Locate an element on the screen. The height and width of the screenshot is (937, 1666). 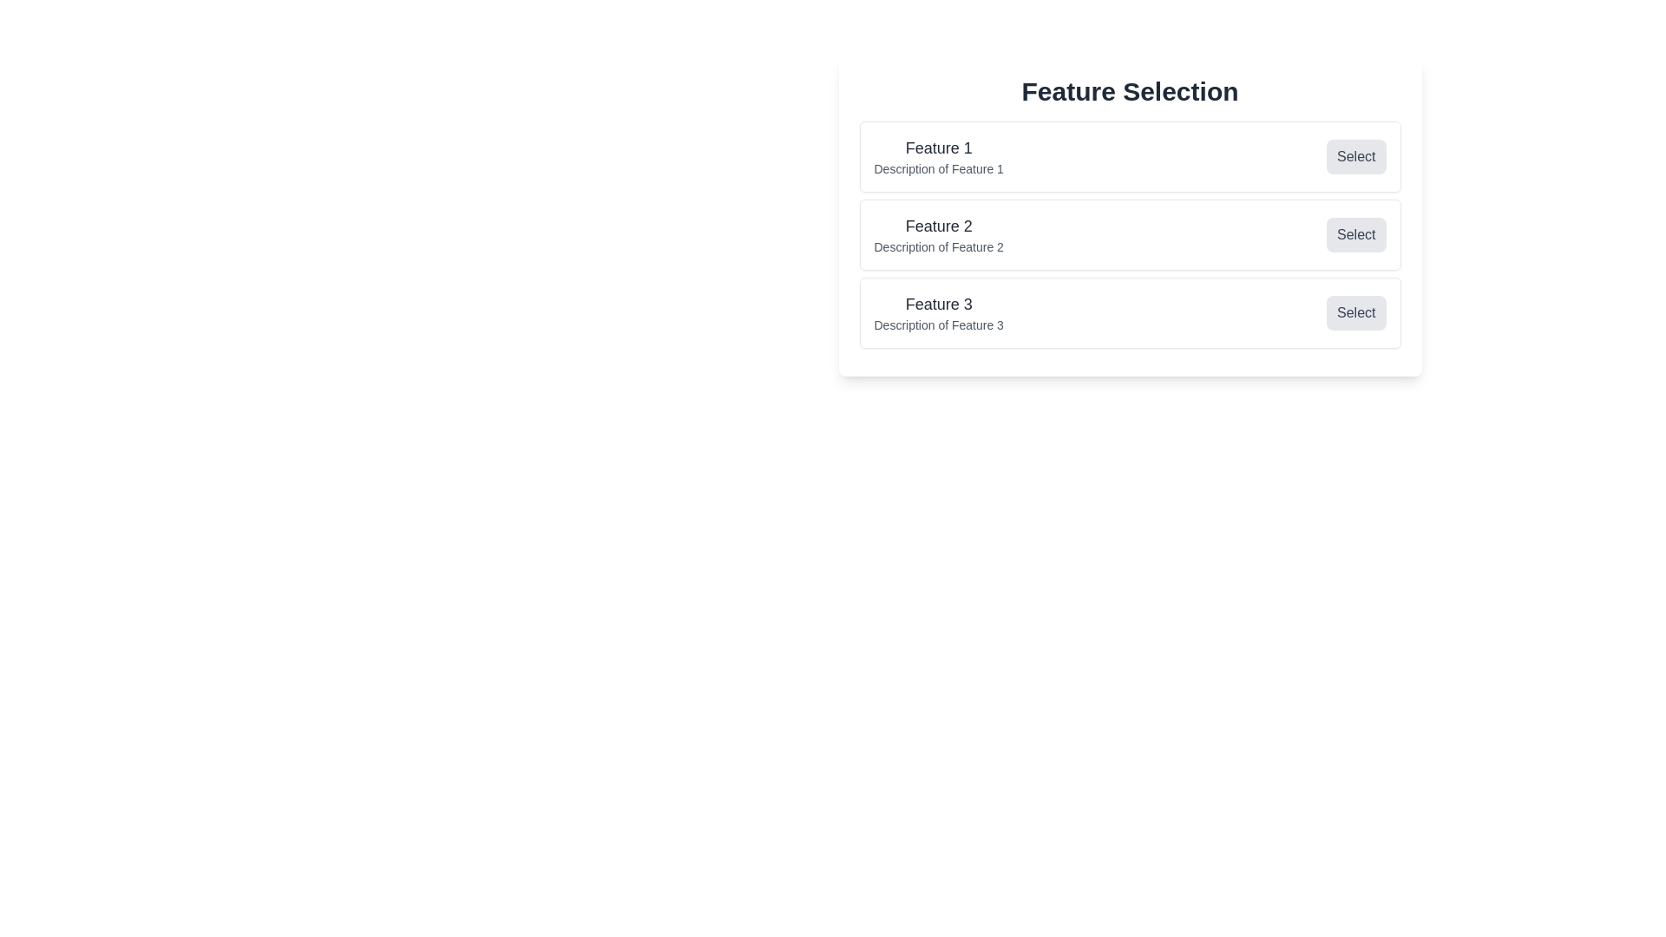
the 'Select' button, which is a rectangular button with rounded corners located to the right of 'Feature 2' is located at coordinates (1355, 234).